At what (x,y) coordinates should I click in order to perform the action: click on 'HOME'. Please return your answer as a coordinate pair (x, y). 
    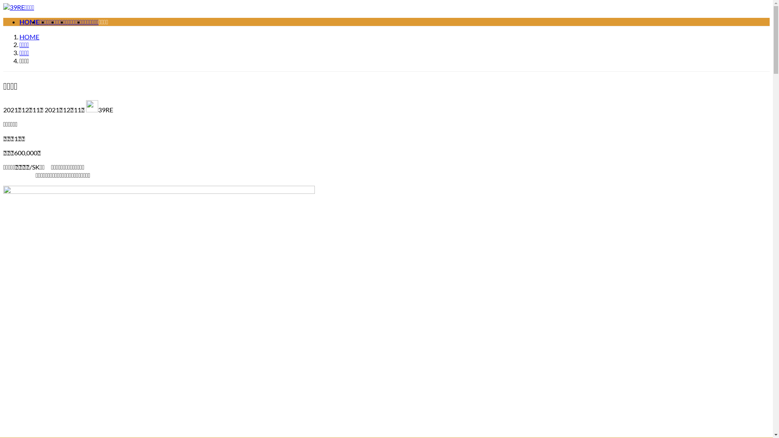
    Looking at the image, I should click on (29, 36).